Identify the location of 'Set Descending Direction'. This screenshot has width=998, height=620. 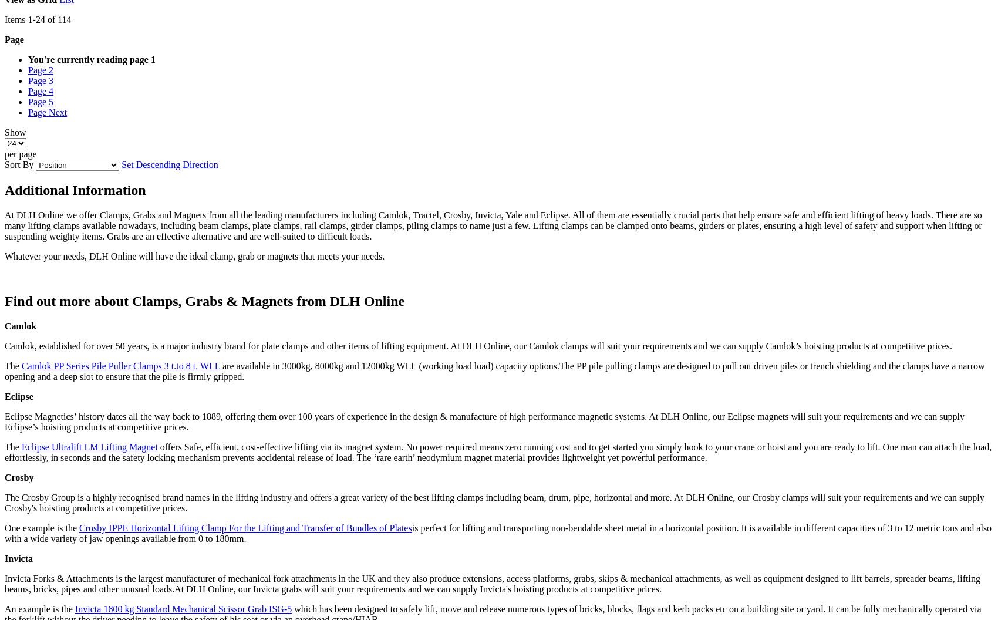
(170, 164).